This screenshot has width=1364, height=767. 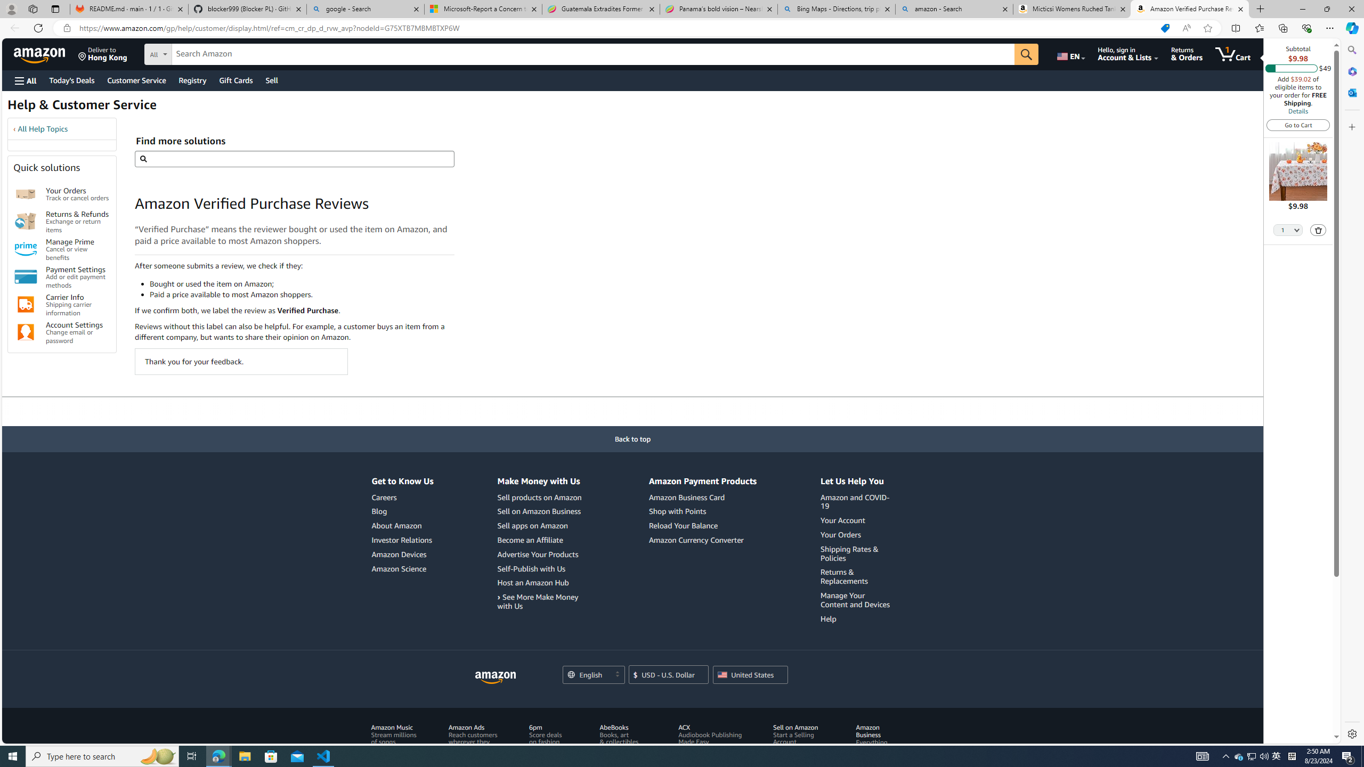 What do you see at coordinates (541, 554) in the screenshot?
I see `'Advertise Your Products'` at bounding box center [541, 554].